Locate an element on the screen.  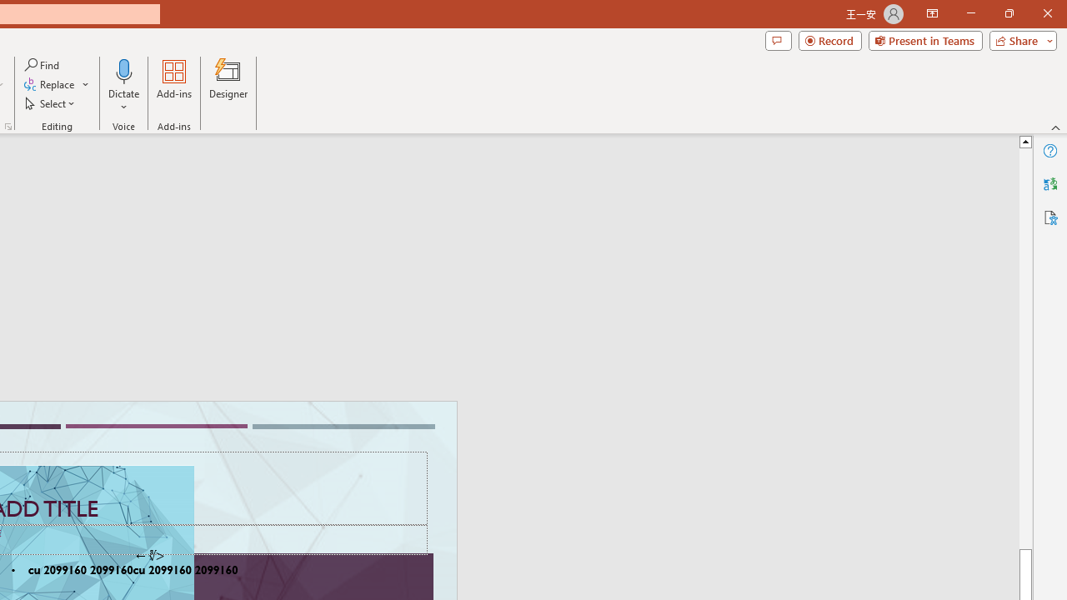
'More Options' is located at coordinates (123, 101).